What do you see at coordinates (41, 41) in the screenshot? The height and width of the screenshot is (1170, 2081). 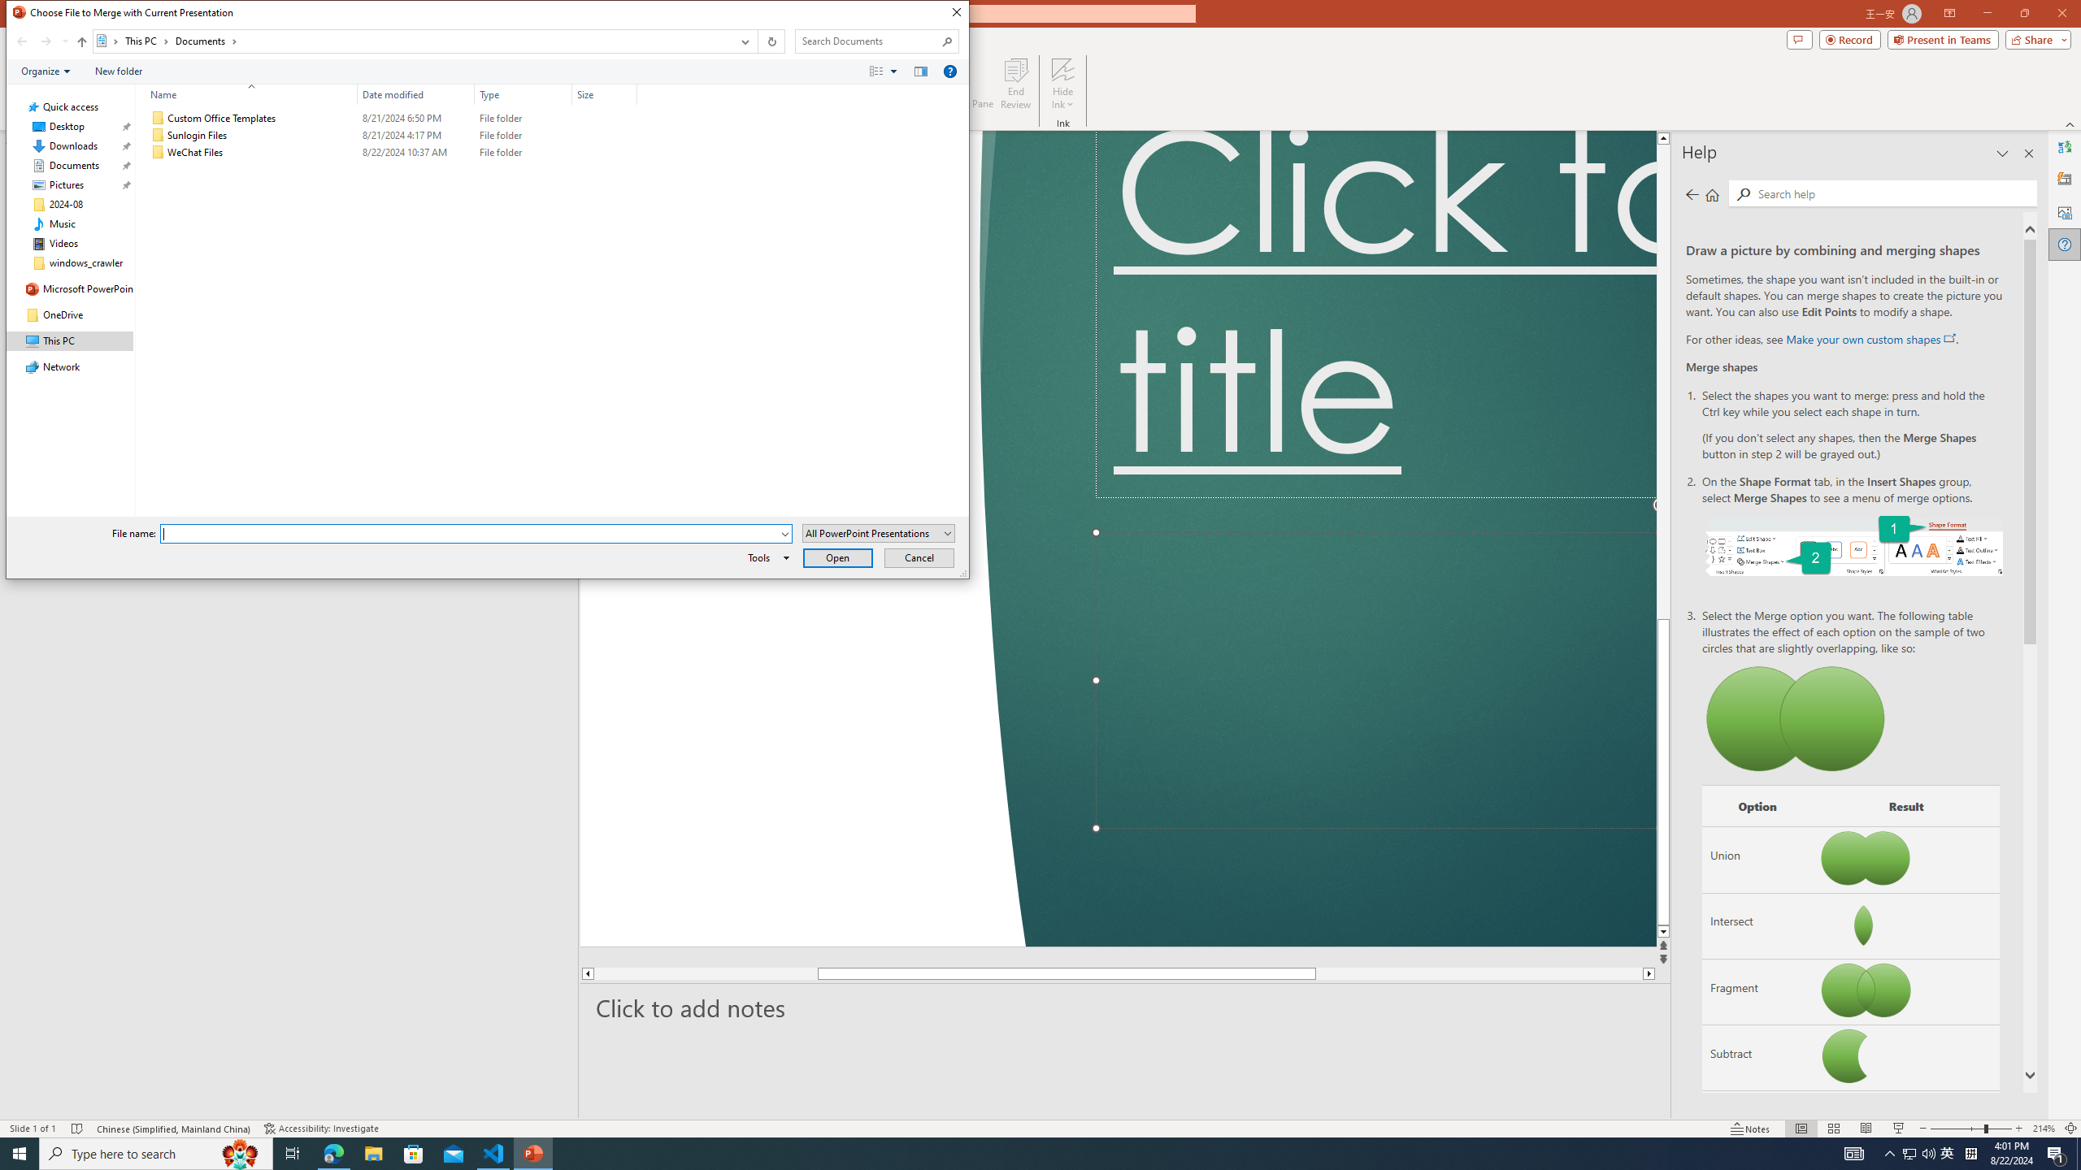 I see `'Navigation buttons'` at bounding box center [41, 41].